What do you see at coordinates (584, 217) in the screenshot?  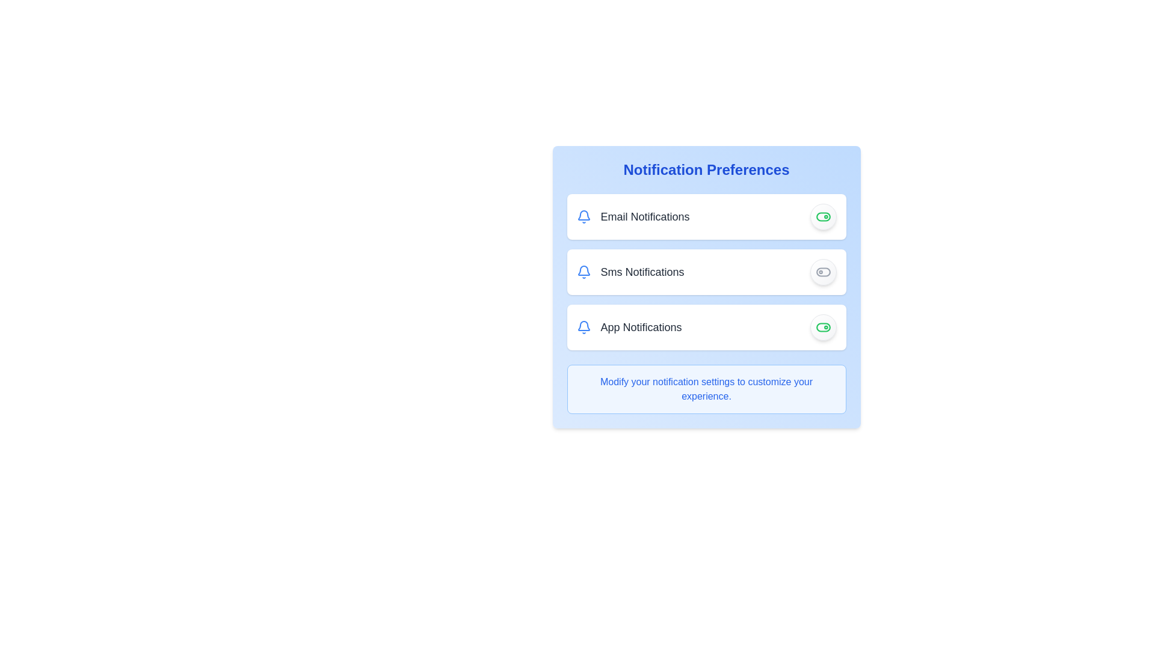 I see `the blue bell-shaped notification icon located to the left of the 'Email Notifications' label in the first row of the notification options list` at bounding box center [584, 217].